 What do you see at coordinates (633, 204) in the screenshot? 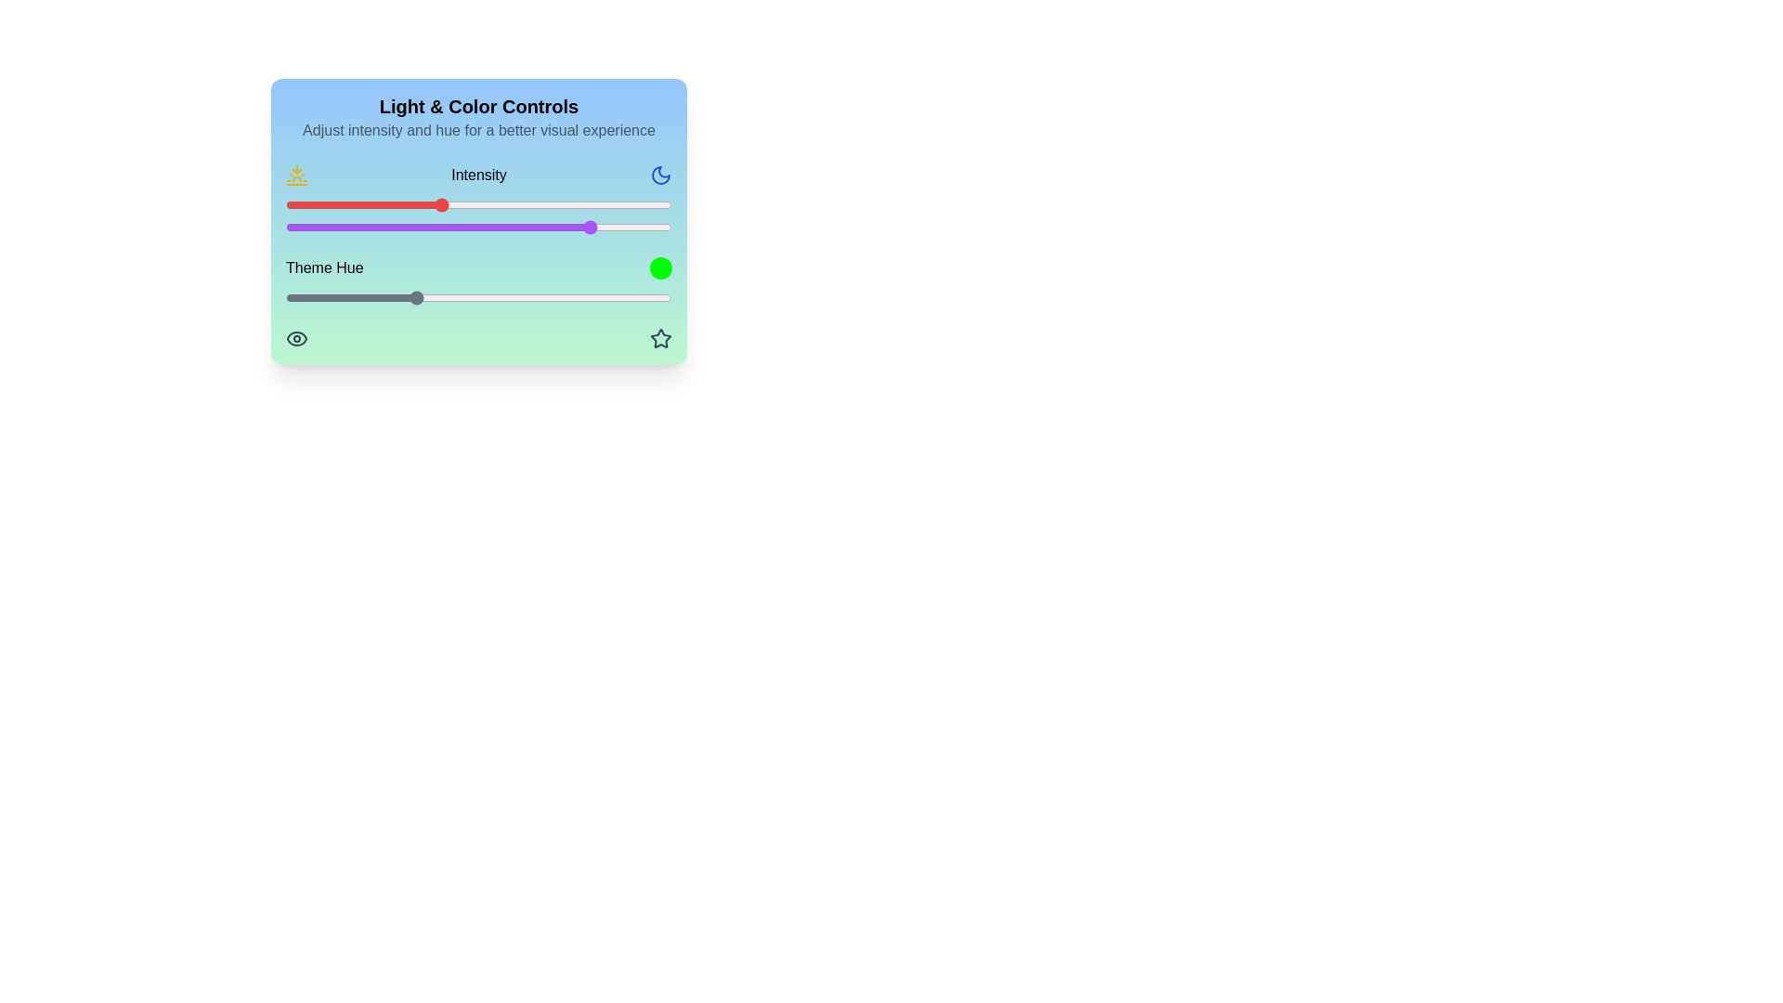
I see `intensity` at bounding box center [633, 204].